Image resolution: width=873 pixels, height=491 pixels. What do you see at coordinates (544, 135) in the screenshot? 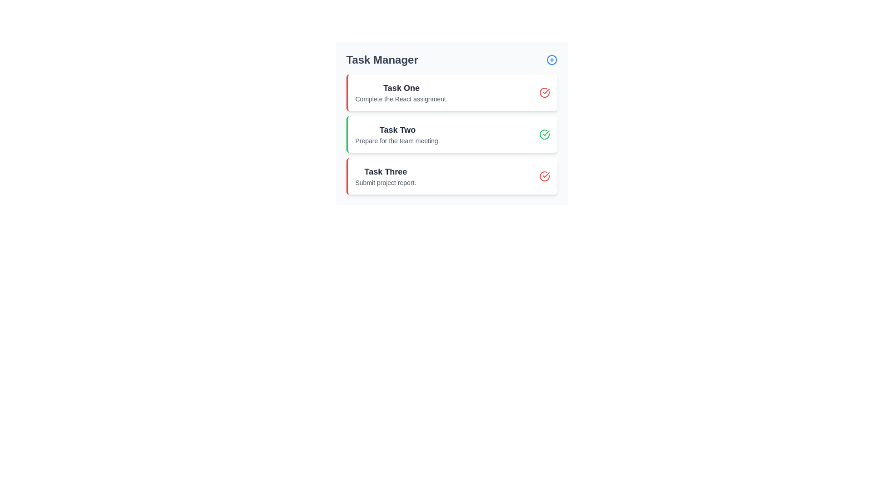
I see `the circular checkmark icon with a green border, associated with the text 'Task Two - Prepare for the team meeting.', to mark the task as complete` at bounding box center [544, 135].